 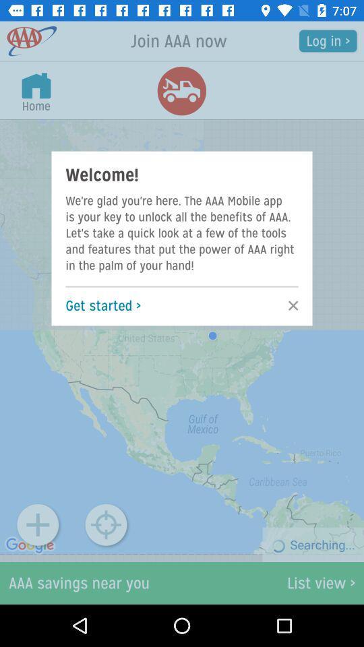 What do you see at coordinates (289, 305) in the screenshot?
I see `the close icon` at bounding box center [289, 305].